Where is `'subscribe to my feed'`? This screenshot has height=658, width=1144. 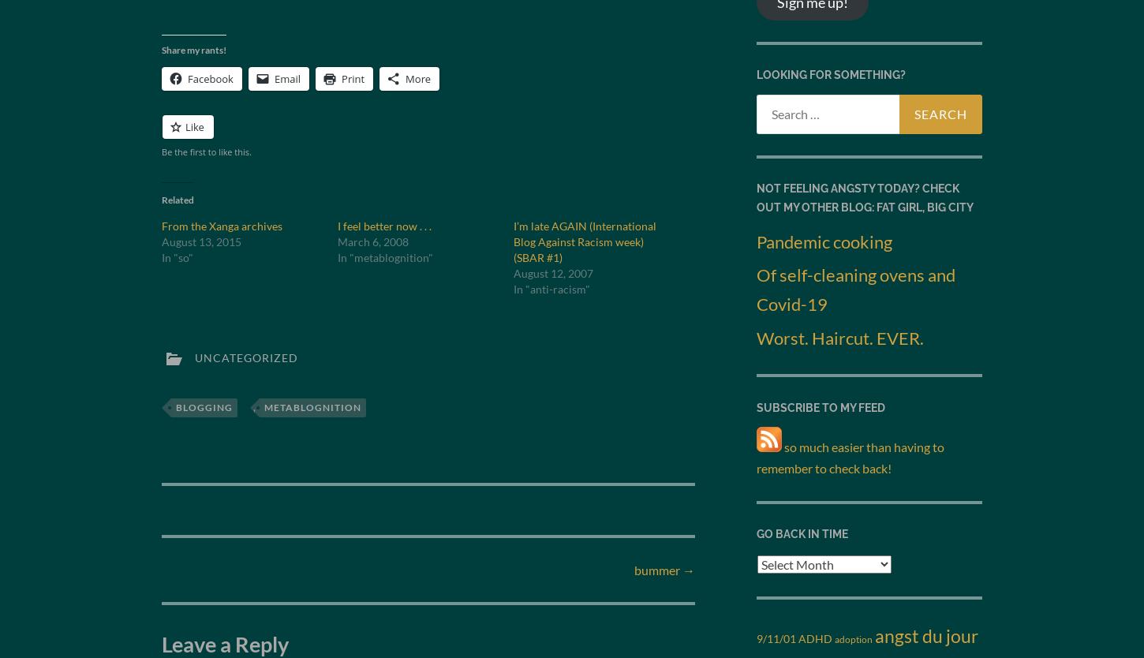
'subscribe to my feed' is located at coordinates (821, 406).